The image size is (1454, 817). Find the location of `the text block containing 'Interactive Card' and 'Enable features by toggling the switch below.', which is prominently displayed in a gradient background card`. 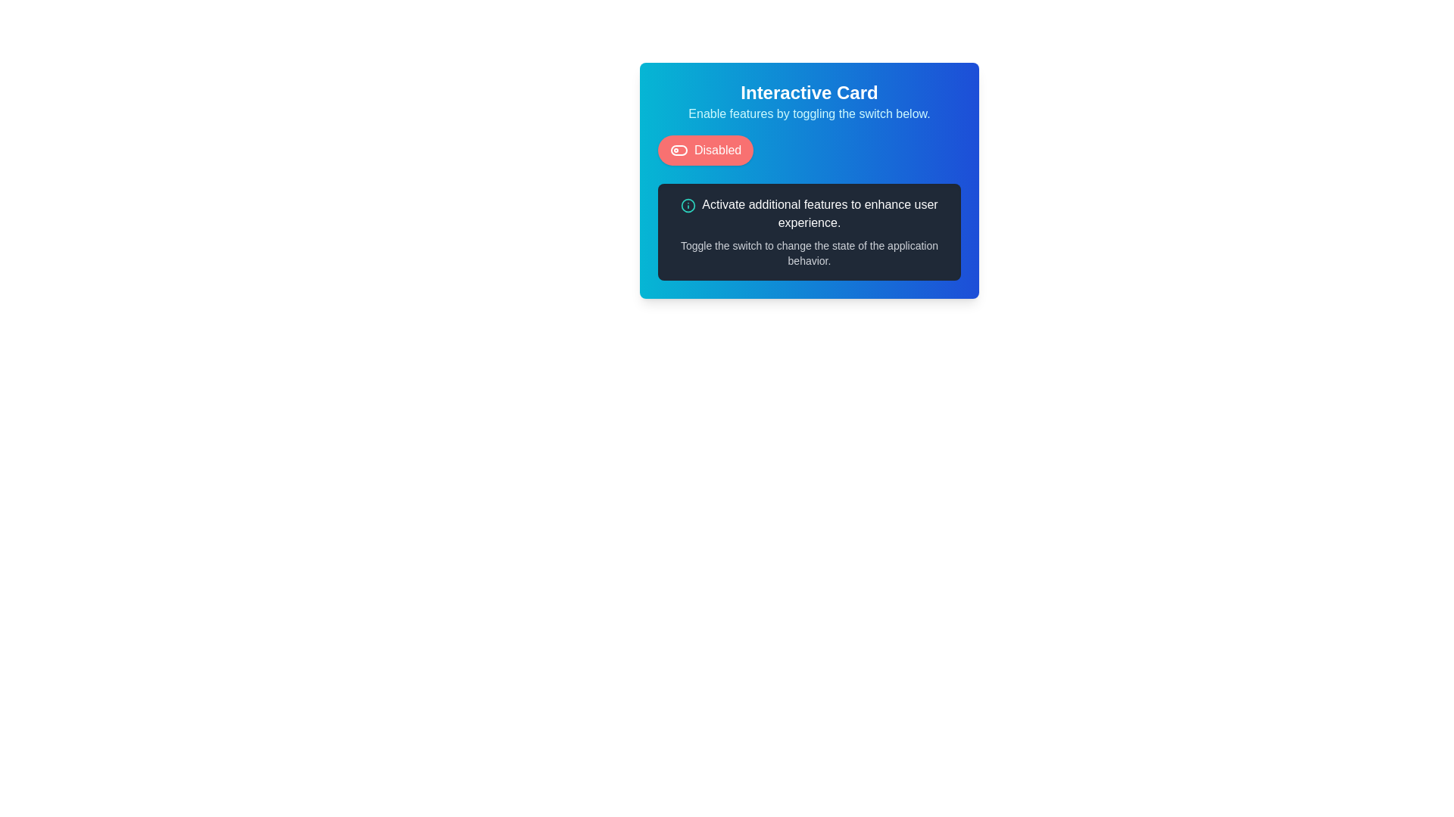

the text block containing 'Interactive Card' and 'Enable features by toggling the switch below.', which is prominently displayed in a gradient background card is located at coordinates (809, 102).